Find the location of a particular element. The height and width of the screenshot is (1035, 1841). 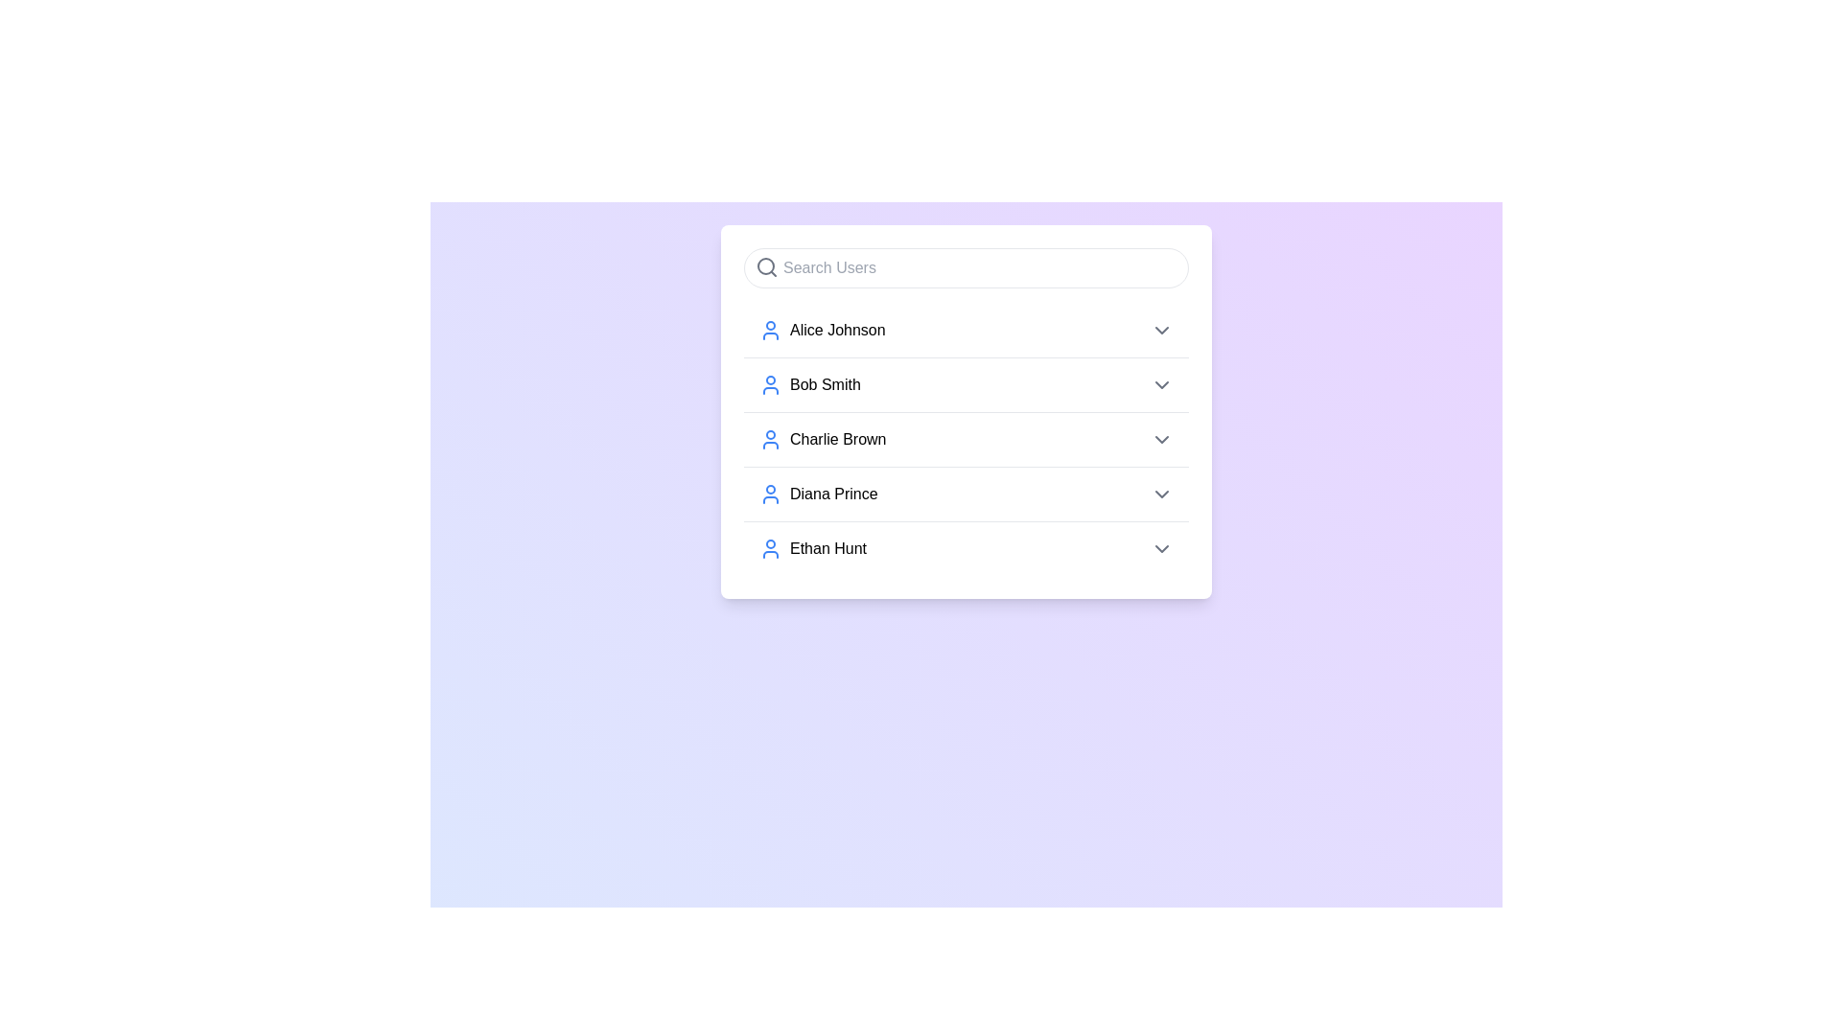

the selectable user entry 'Ethan Hunt' in the fourth row of the dropdown menu is located at coordinates (813, 549).